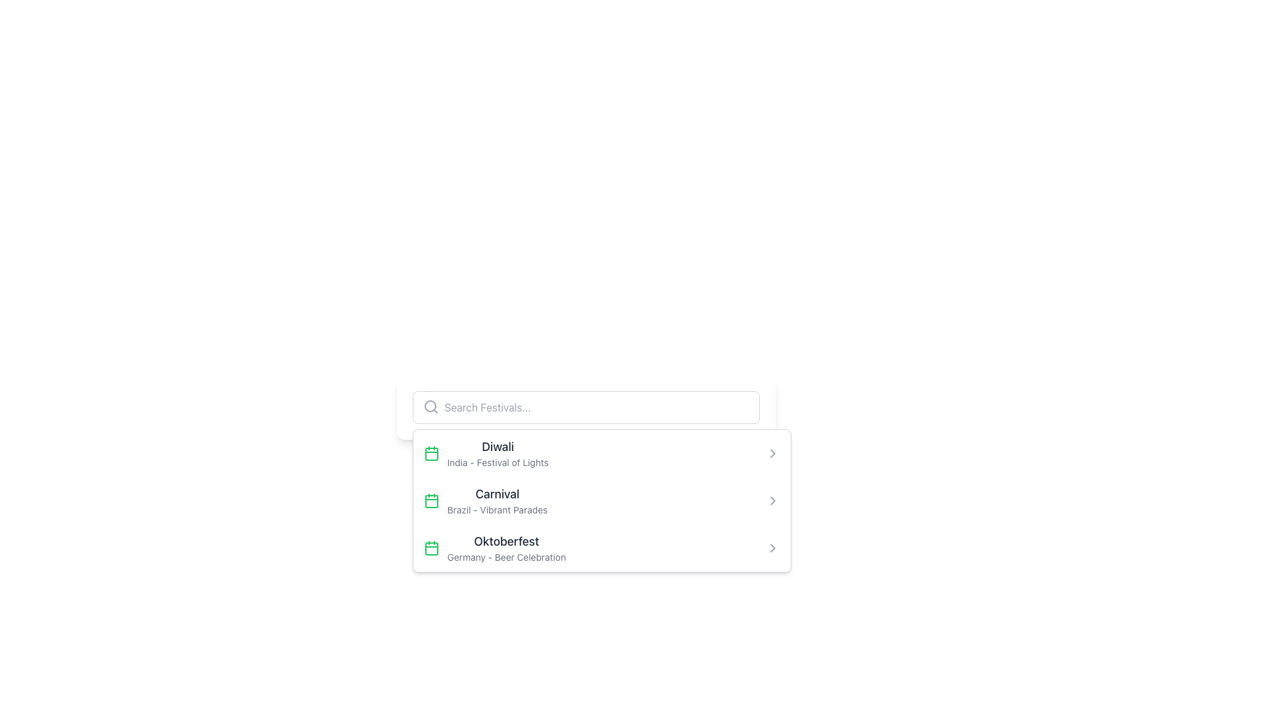  Describe the element at coordinates (772, 501) in the screenshot. I see `the rightward-pointing chevron icon located at the far right end of the 'Carnival - Brazil - Vibrant Parades' list item to initiate navigation or reveal more information` at that location.